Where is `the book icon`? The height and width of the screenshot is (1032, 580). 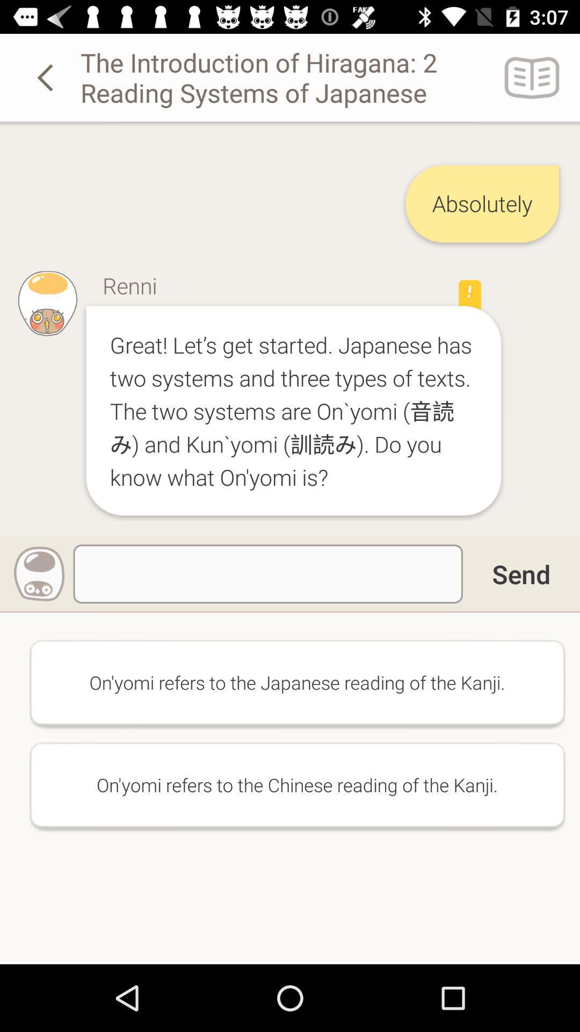
the book icon is located at coordinates (532, 77).